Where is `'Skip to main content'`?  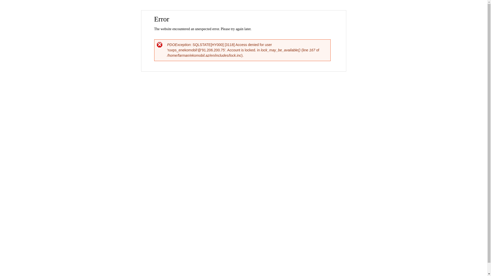
'Skip to main content' is located at coordinates (232, 11).